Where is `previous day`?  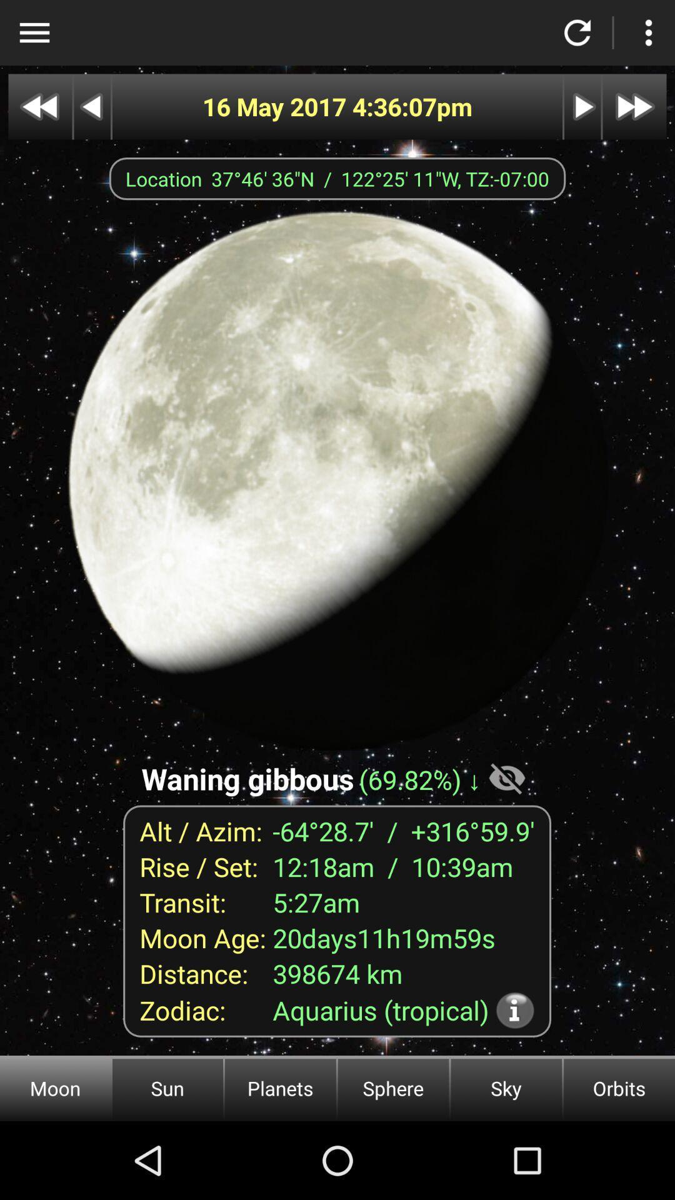 previous day is located at coordinates (91, 107).